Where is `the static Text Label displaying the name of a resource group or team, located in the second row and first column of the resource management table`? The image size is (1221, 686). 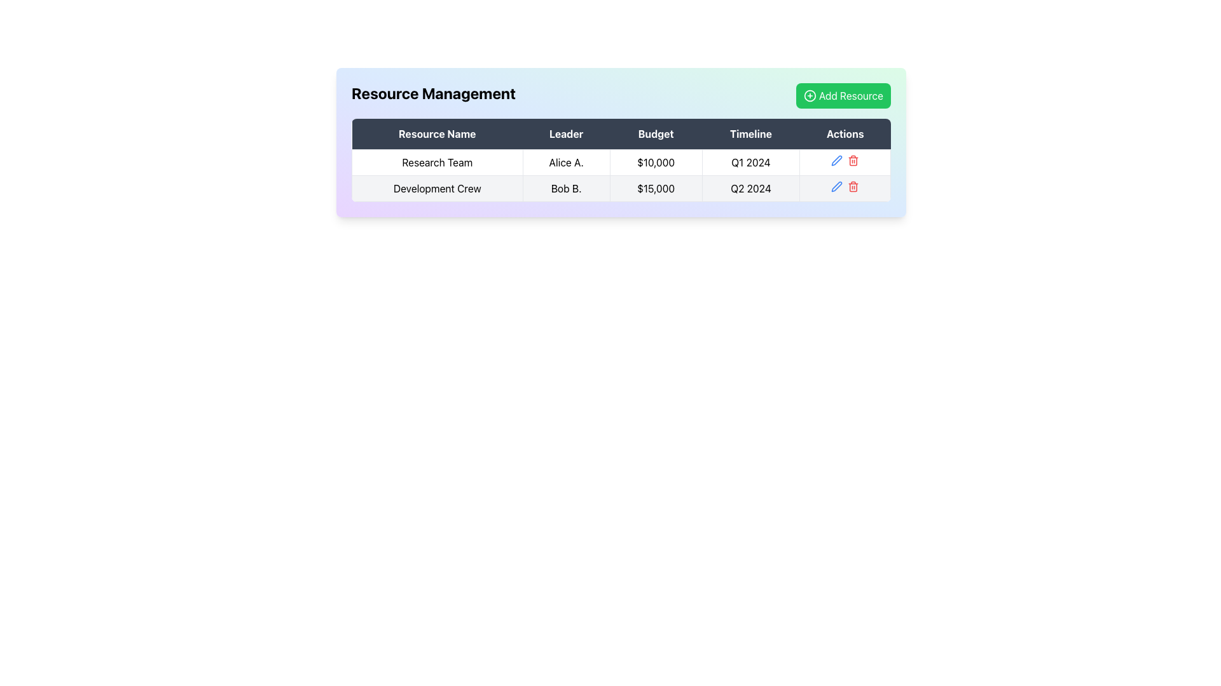
the static Text Label displaying the name of a resource group or team, located in the second row and first column of the resource management table is located at coordinates (437, 189).